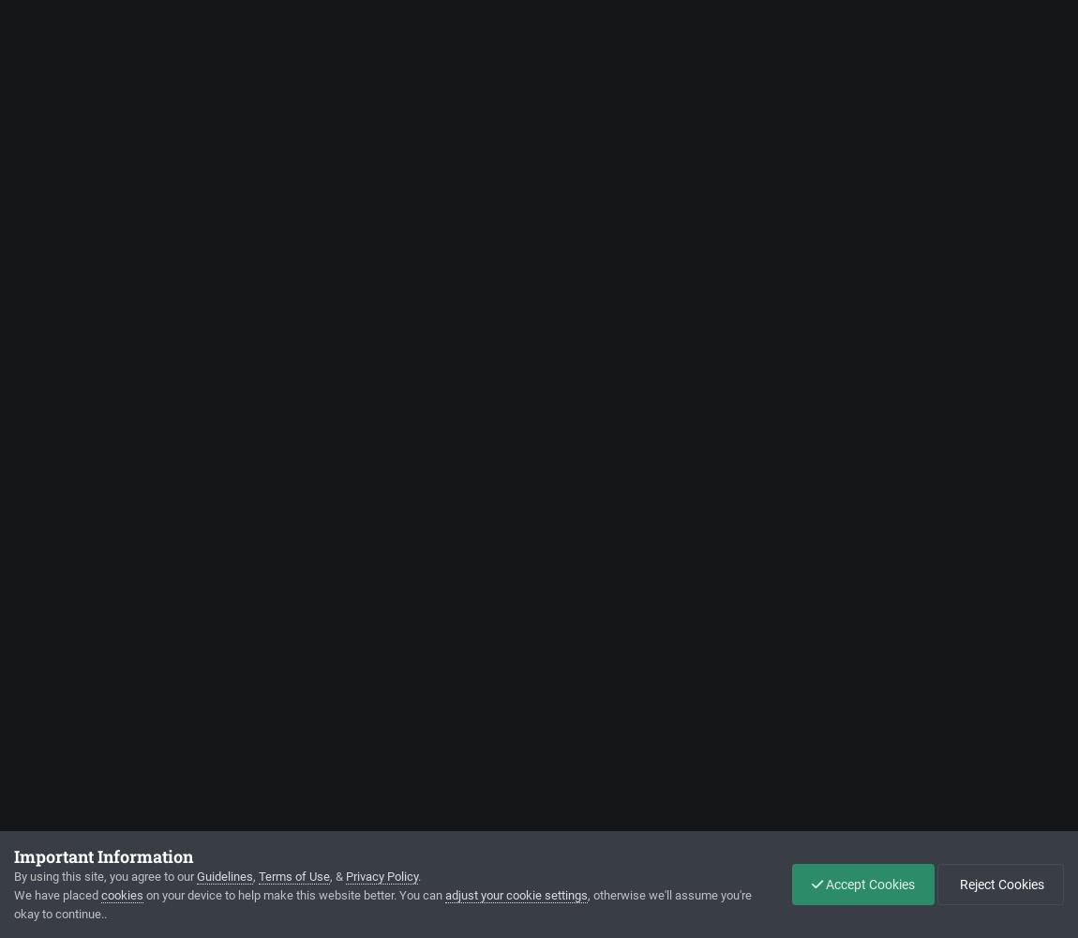 This screenshot has height=938, width=1078. Describe the element at coordinates (121, 894) in the screenshot. I see `'cookies'` at that location.